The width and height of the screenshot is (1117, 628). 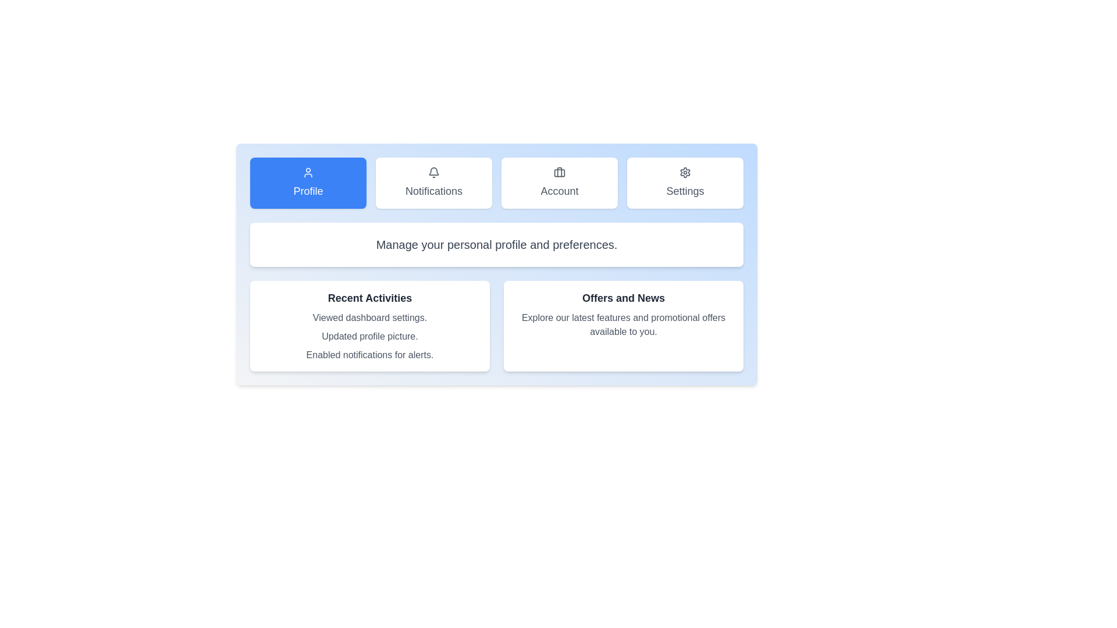 What do you see at coordinates (622, 326) in the screenshot?
I see `the Informative card located to the right of the 'Recent Activities' card in the second row of the two-column grid layout` at bounding box center [622, 326].